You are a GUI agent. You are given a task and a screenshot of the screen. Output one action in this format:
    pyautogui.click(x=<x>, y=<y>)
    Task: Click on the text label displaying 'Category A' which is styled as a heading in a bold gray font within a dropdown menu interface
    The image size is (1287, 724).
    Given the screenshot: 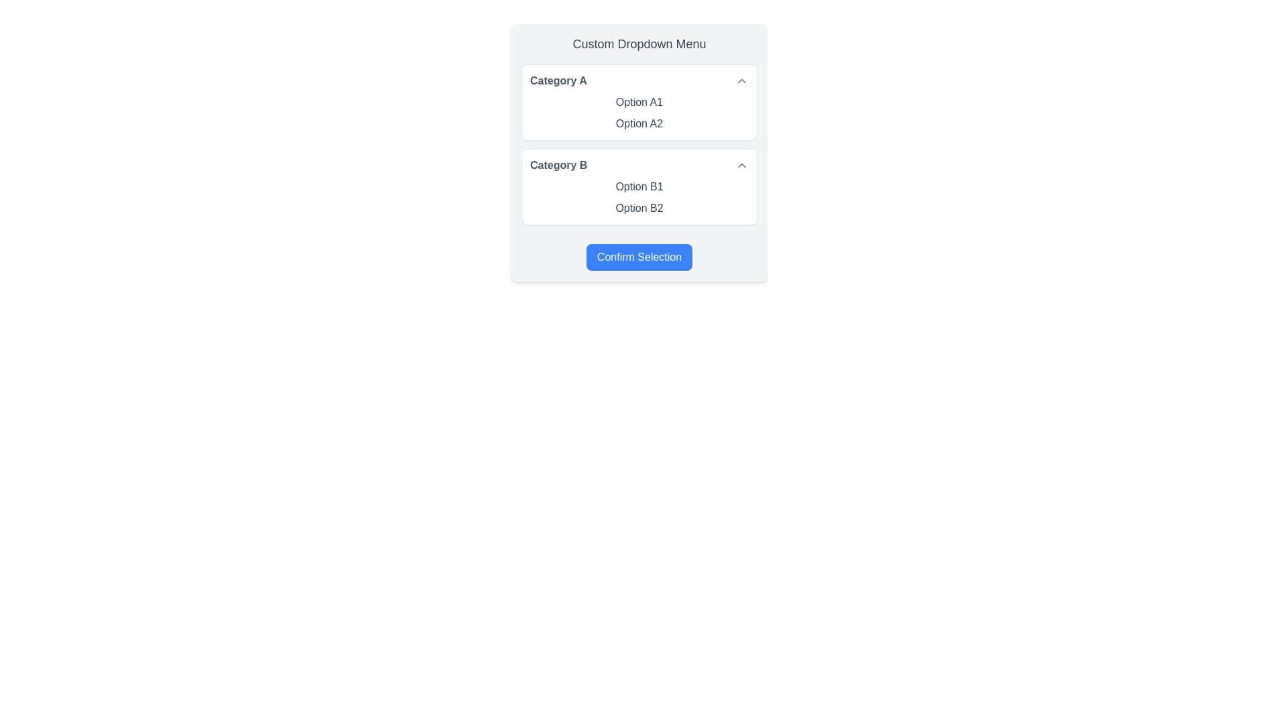 What is the action you would take?
    pyautogui.click(x=558, y=80)
    